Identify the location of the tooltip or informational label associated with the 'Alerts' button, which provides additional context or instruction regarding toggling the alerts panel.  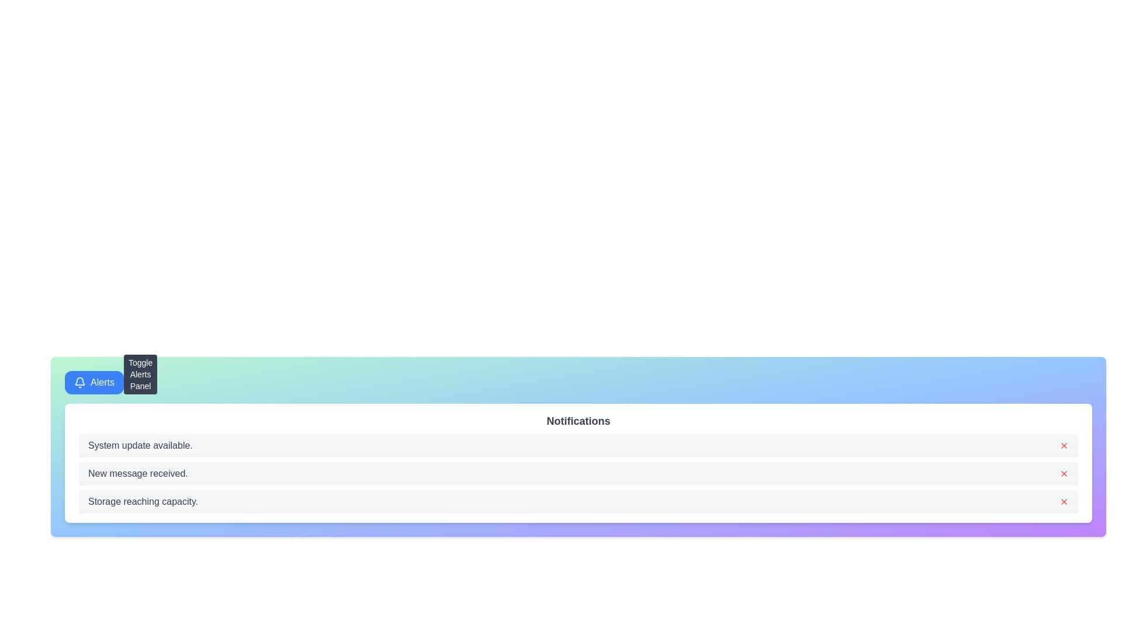
(140, 374).